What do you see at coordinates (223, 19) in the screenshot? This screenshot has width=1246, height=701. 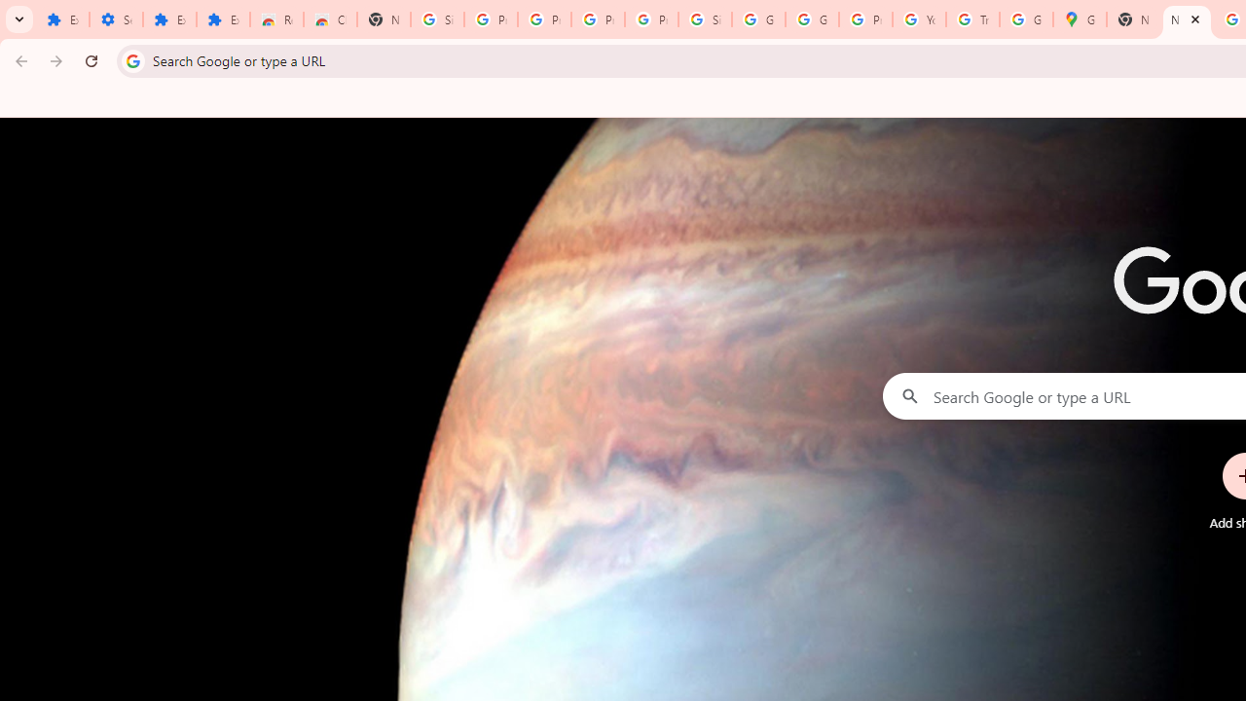 I see `'Extensions'` at bounding box center [223, 19].